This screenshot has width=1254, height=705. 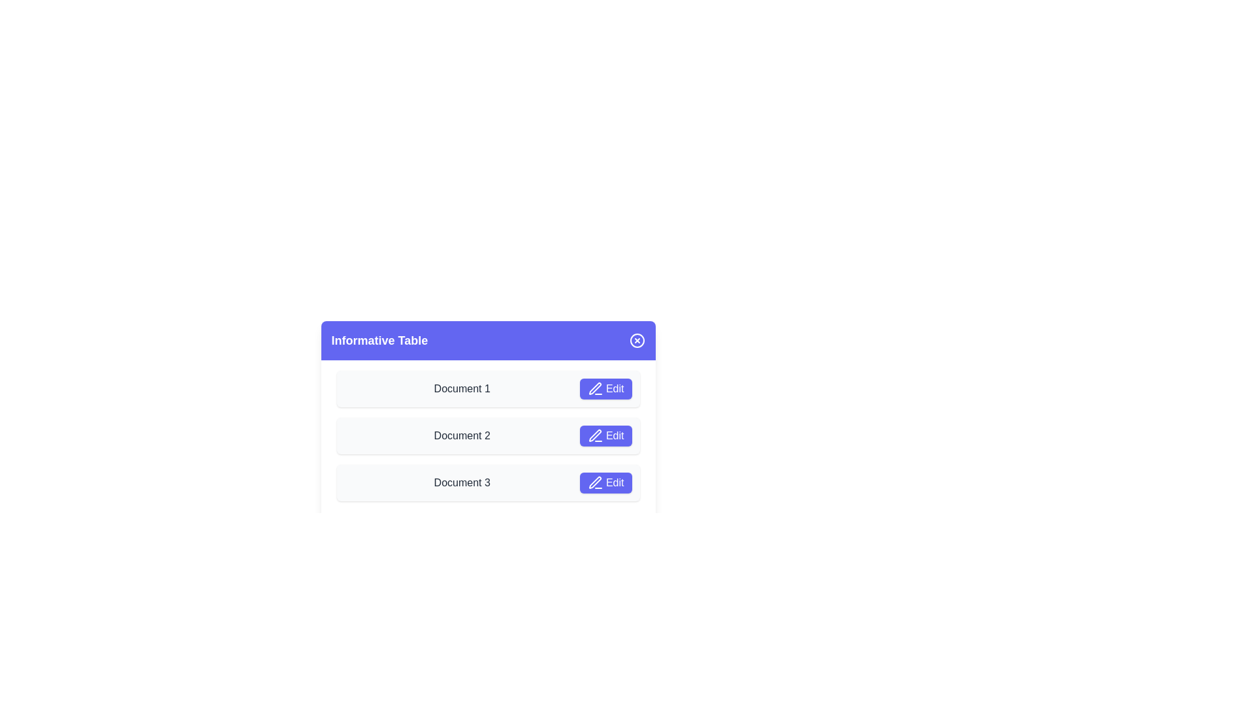 What do you see at coordinates (637, 339) in the screenshot?
I see `the close button located at the top-right corner of the dialog to close it` at bounding box center [637, 339].